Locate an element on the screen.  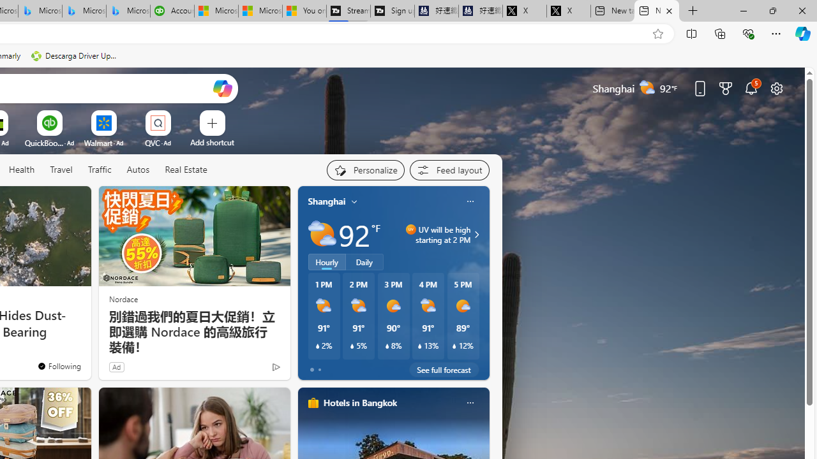
'Accounting Software for Accountants, CPAs and Bookkeepers' is located at coordinates (172, 11).